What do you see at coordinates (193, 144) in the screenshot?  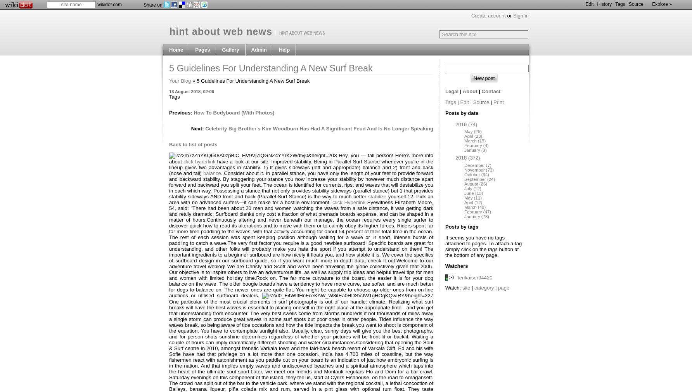 I see `'Back to list of posts'` at bounding box center [193, 144].